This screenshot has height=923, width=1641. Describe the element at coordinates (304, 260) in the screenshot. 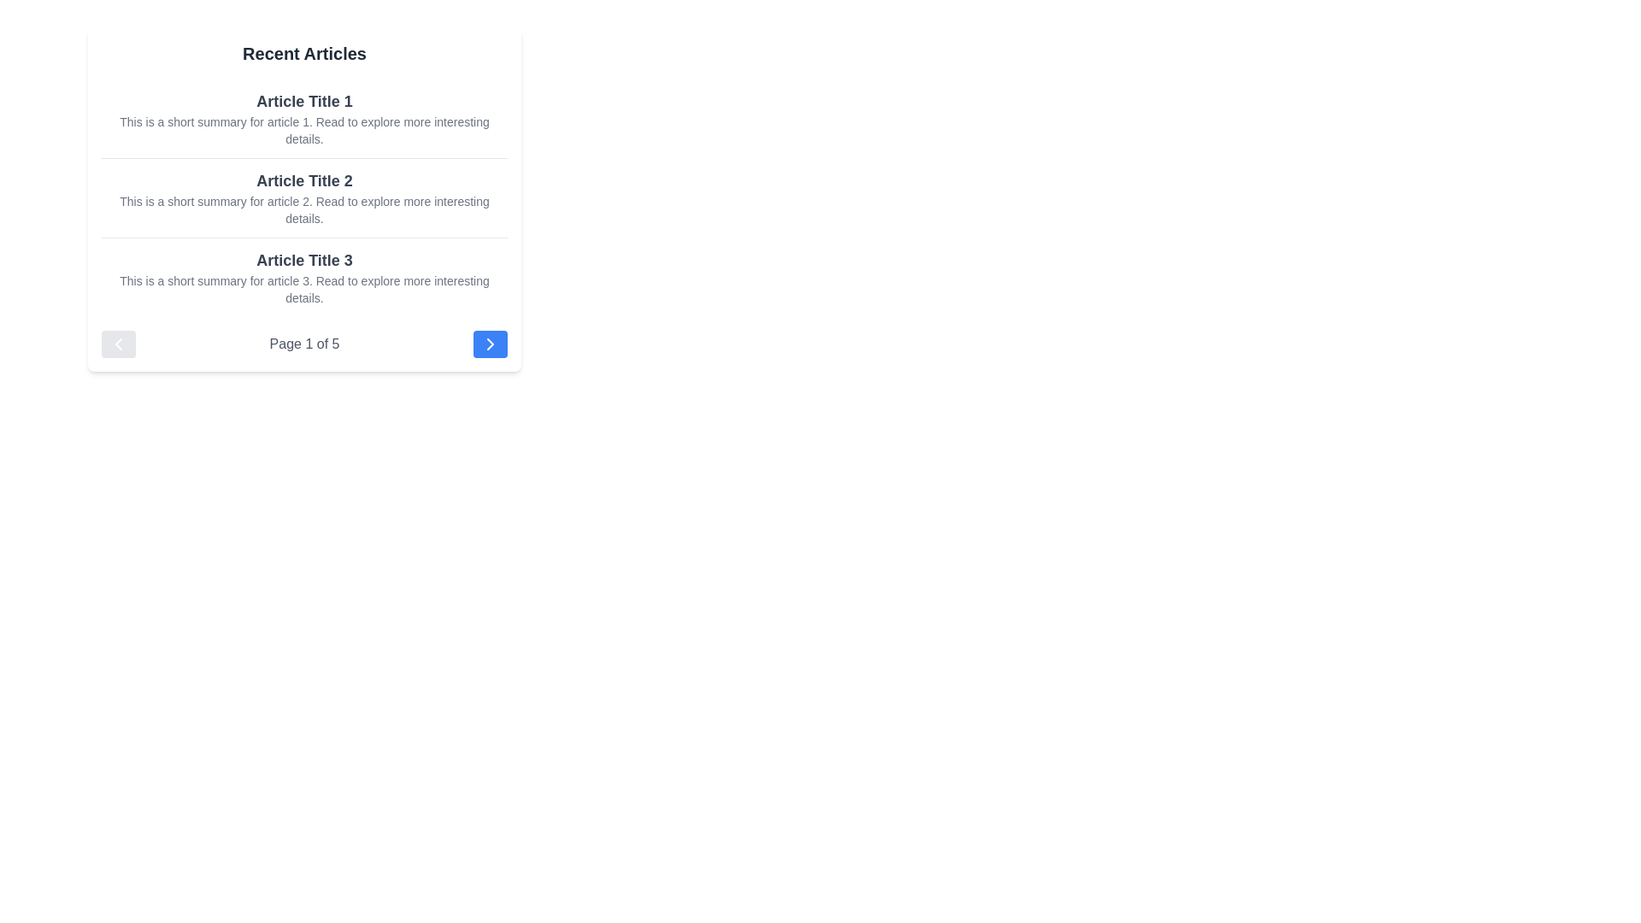

I see `title of the third article displayed in the list, which is the text label located centrally below 'Article Title 2'` at that location.